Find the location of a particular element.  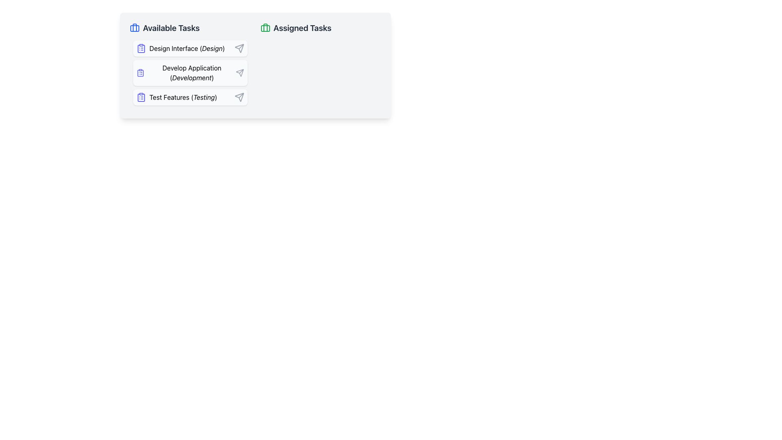

the briefcase icon, which is visually designed with a blue outline and rounded corners, located to the left of the 'Available Tasks' text as an indicator is located at coordinates (135, 28).